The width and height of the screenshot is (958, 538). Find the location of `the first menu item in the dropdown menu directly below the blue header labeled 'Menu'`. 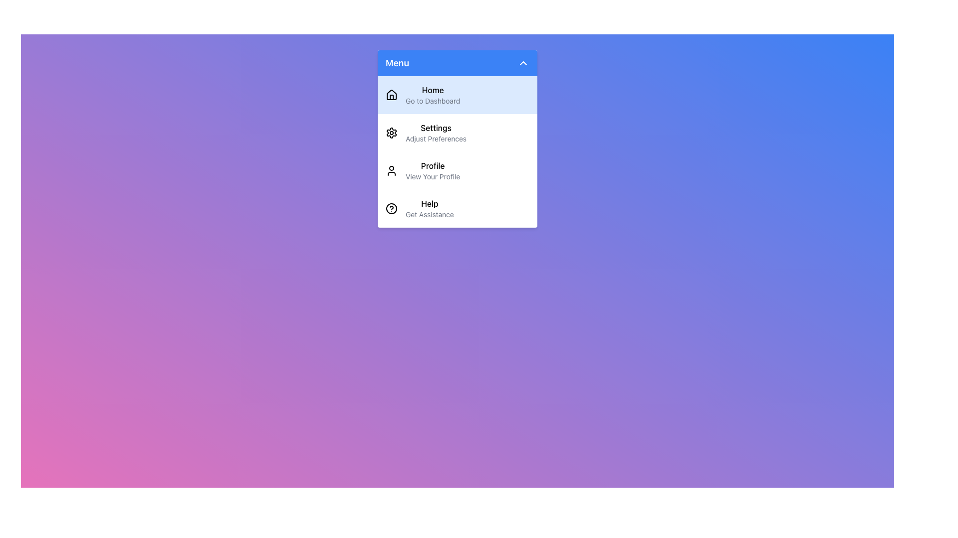

the first menu item in the dropdown menu directly below the blue header labeled 'Menu' is located at coordinates (457, 95).